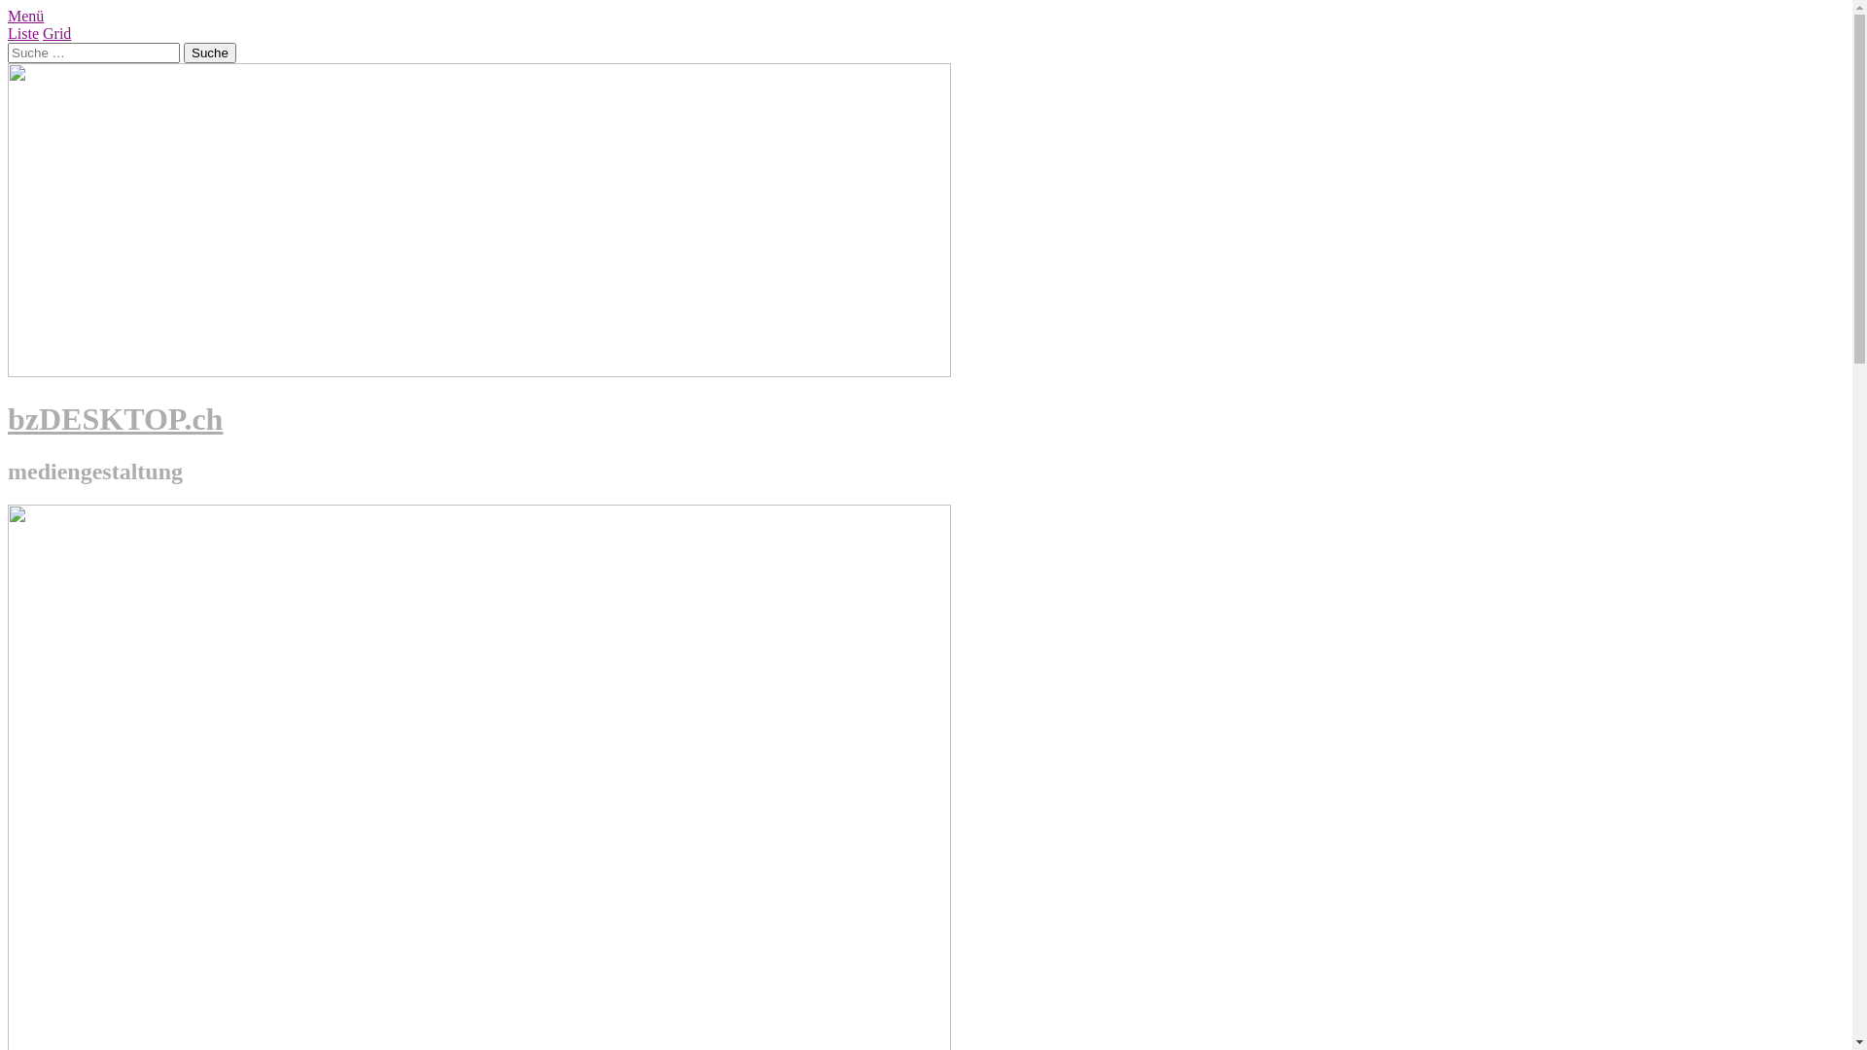 This screenshot has height=1050, width=1867. Describe the element at coordinates (23, 33) in the screenshot. I see `'Liste'` at that location.